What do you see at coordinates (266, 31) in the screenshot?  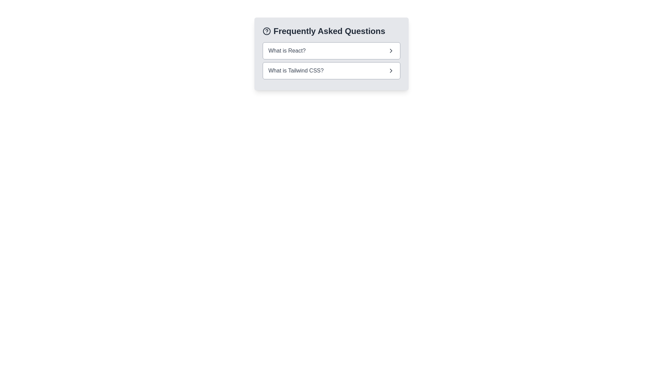 I see `the circular icon with a question mark in its center, located in the header labeled 'Frequently Asked Questions'` at bounding box center [266, 31].